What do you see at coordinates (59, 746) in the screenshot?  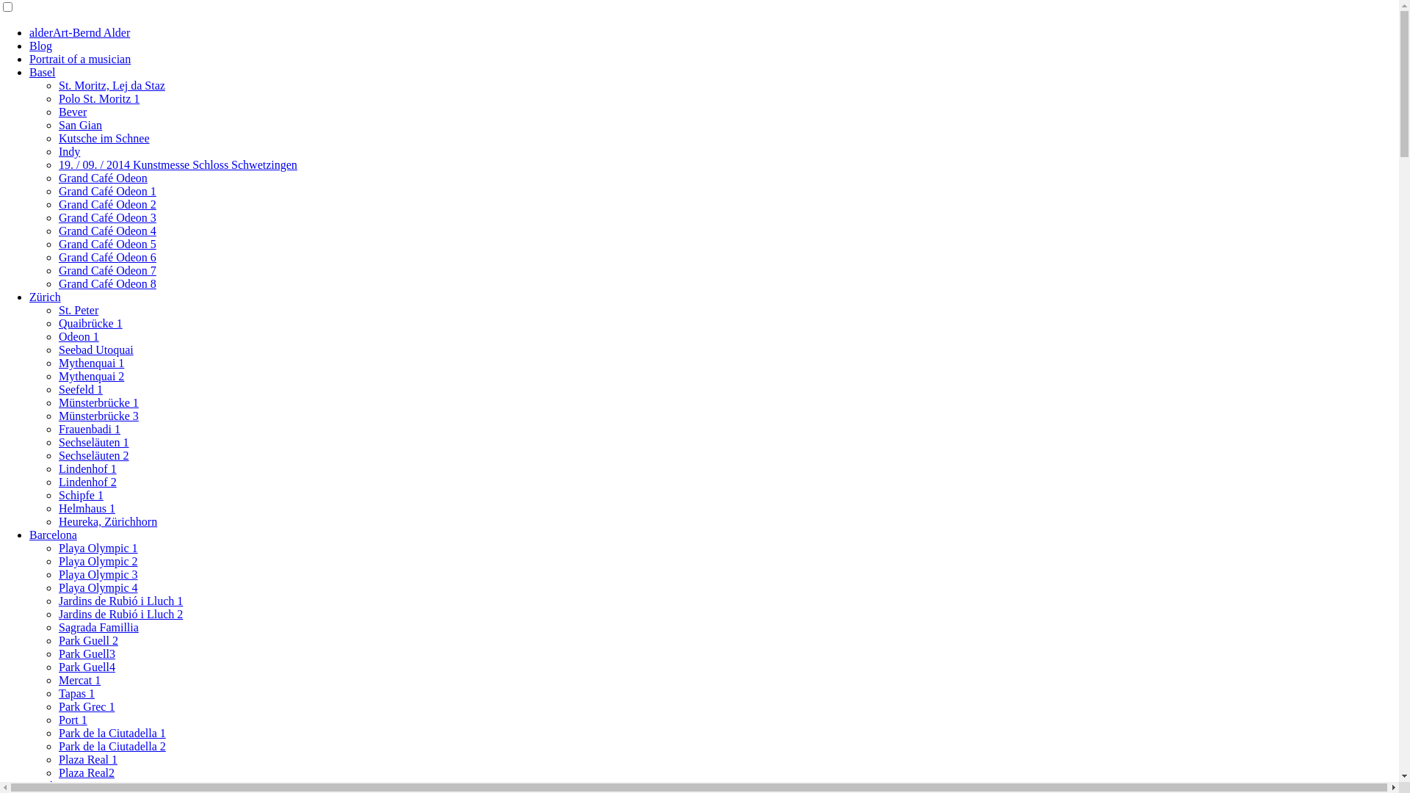 I see `'Park de la Ciutadella 2'` at bounding box center [59, 746].